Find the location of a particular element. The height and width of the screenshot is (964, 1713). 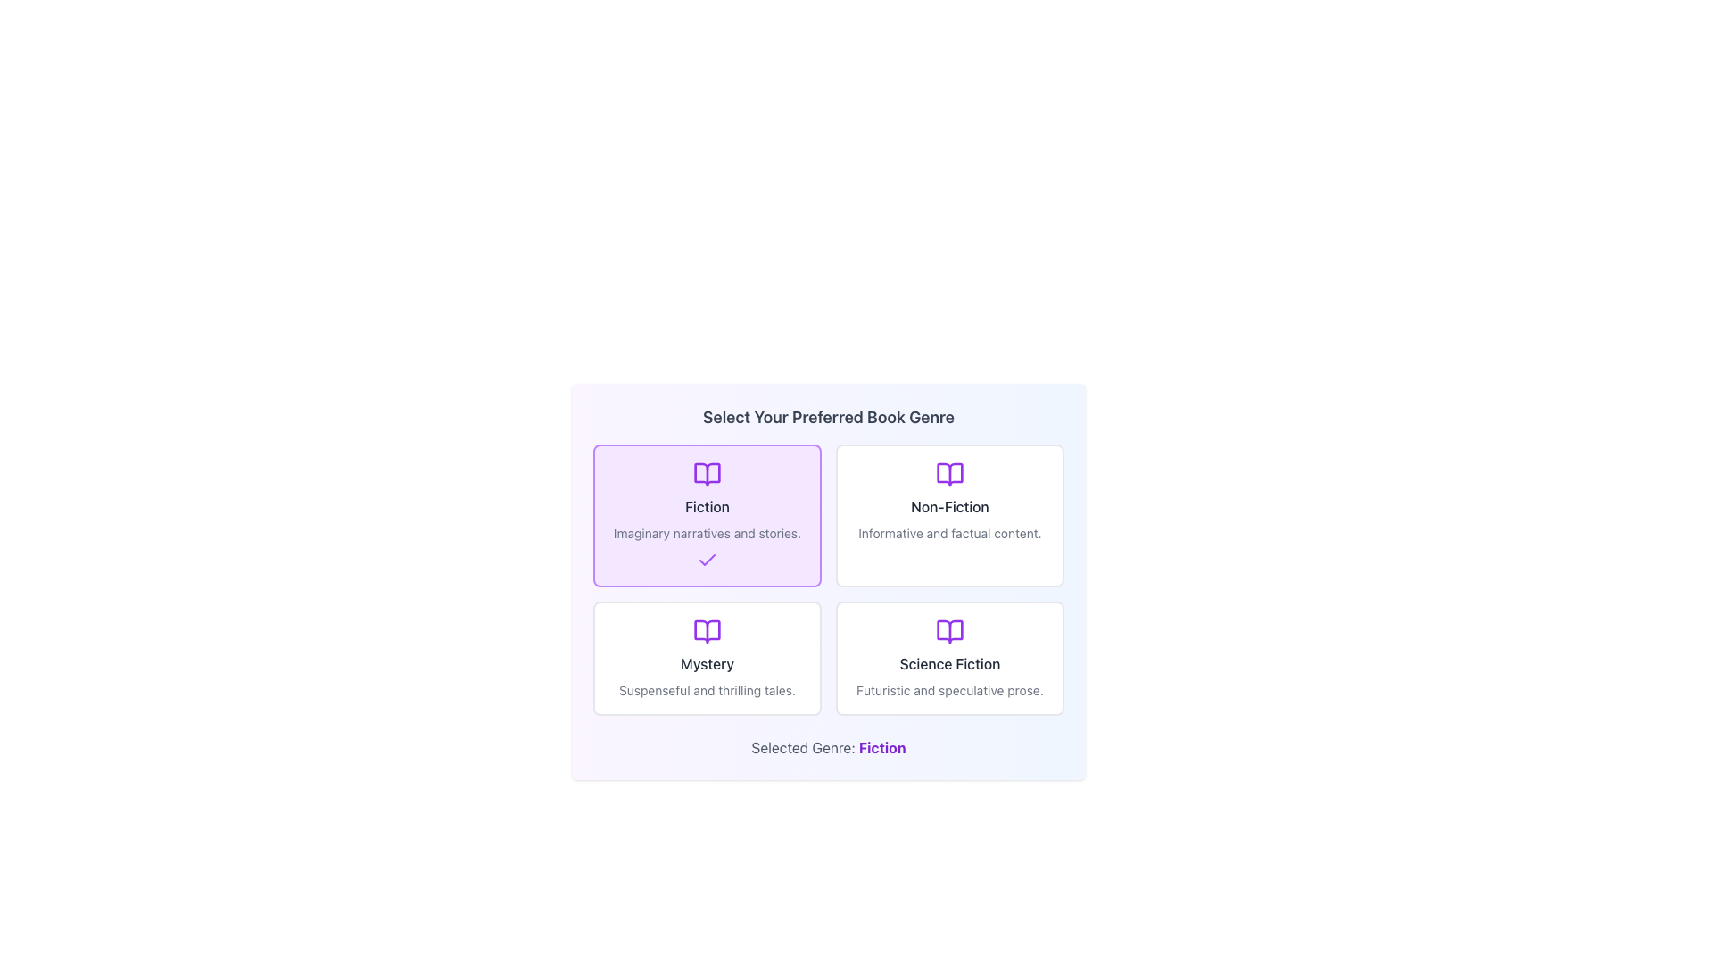

the left portion of the open book icon within the 'Non-Fiction' button located in the top-right of the grid is located at coordinates (949, 474).